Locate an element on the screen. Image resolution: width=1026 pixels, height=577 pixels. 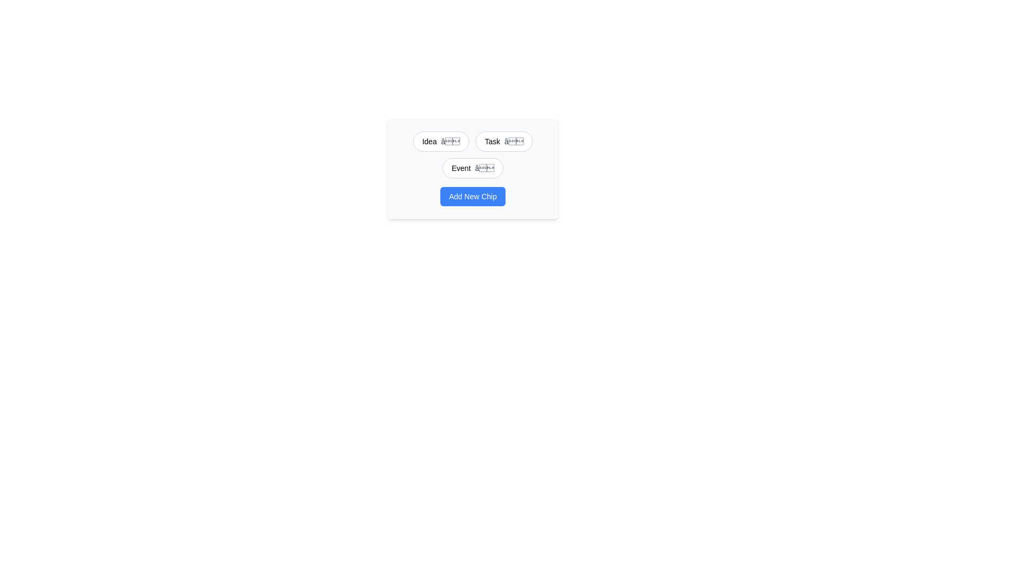
the 'Add New Chip' button to add a new chip is located at coordinates (472, 196).